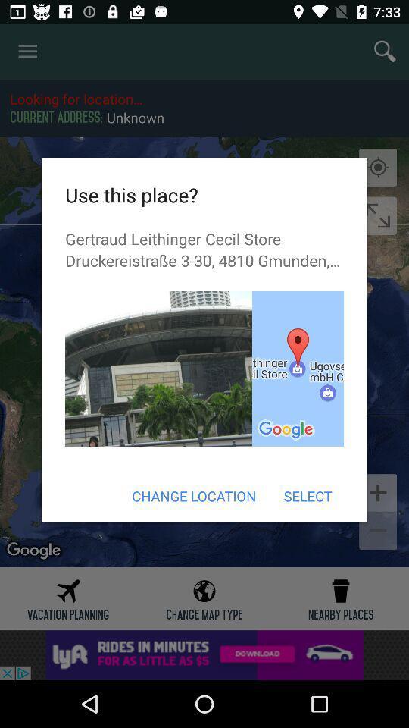 This screenshot has width=409, height=728. What do you see at coordinates (307, 495) in the screenshot?
I see `icon to the right of change location` at bounding box center [307, 495].